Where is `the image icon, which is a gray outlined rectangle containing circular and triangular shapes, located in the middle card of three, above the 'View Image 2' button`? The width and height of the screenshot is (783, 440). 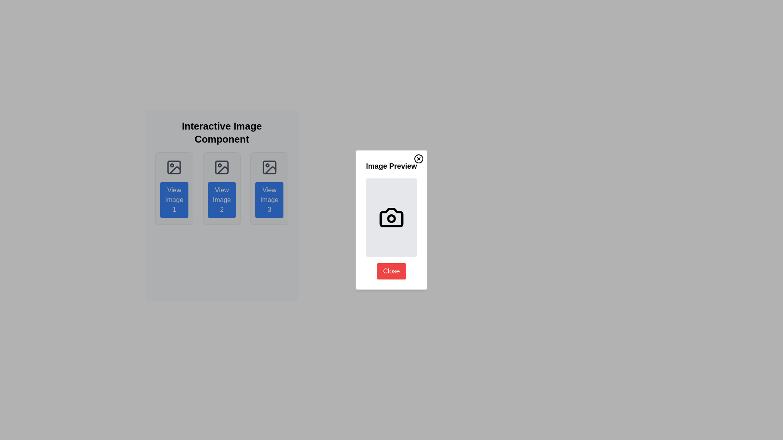 the image icon, which is a gray outlined rectangle containing circular and triangular shapes, located in the middle card of three, above the 'View Image 2' button is located at coordinates (221, 167).